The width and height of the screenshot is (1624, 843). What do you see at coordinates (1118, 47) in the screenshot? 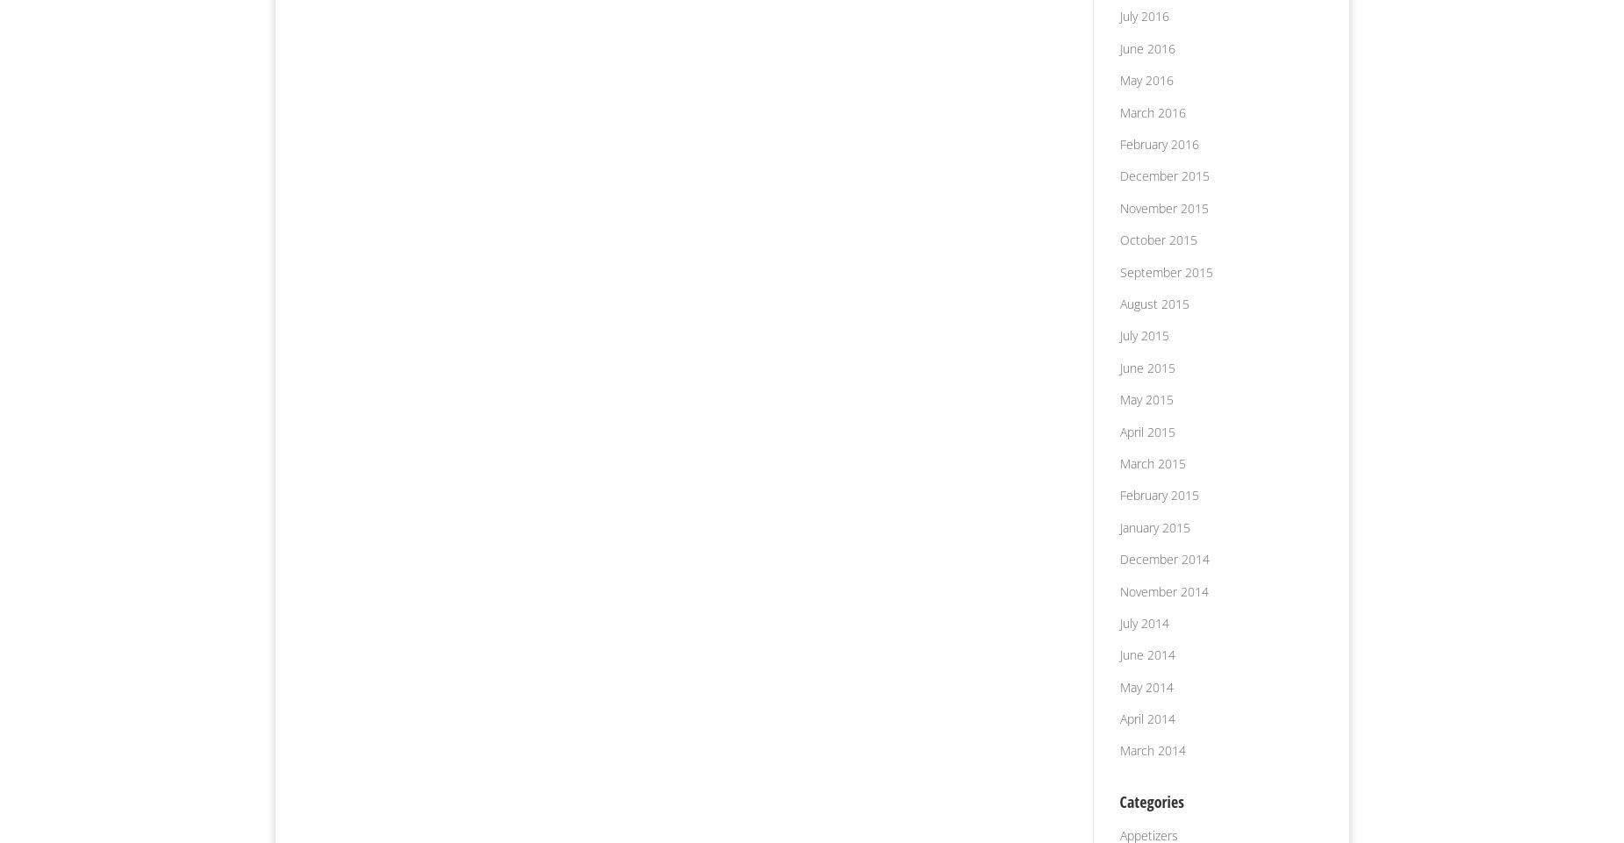
I see `'June 2016'` at bounding box center [1118, 47].